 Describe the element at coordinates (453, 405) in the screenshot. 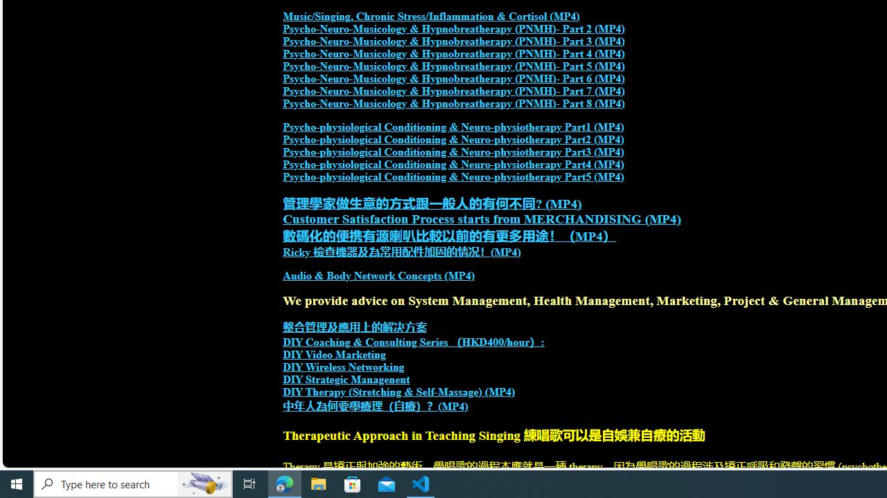

I see `'(MP4)'` at that location.